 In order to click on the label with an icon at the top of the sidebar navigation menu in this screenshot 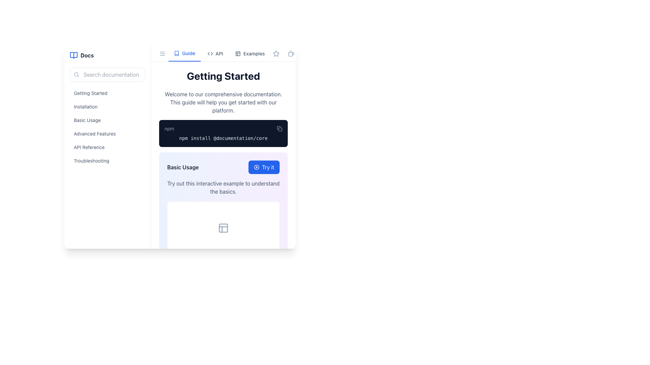, I will do `click(107, 55)`.